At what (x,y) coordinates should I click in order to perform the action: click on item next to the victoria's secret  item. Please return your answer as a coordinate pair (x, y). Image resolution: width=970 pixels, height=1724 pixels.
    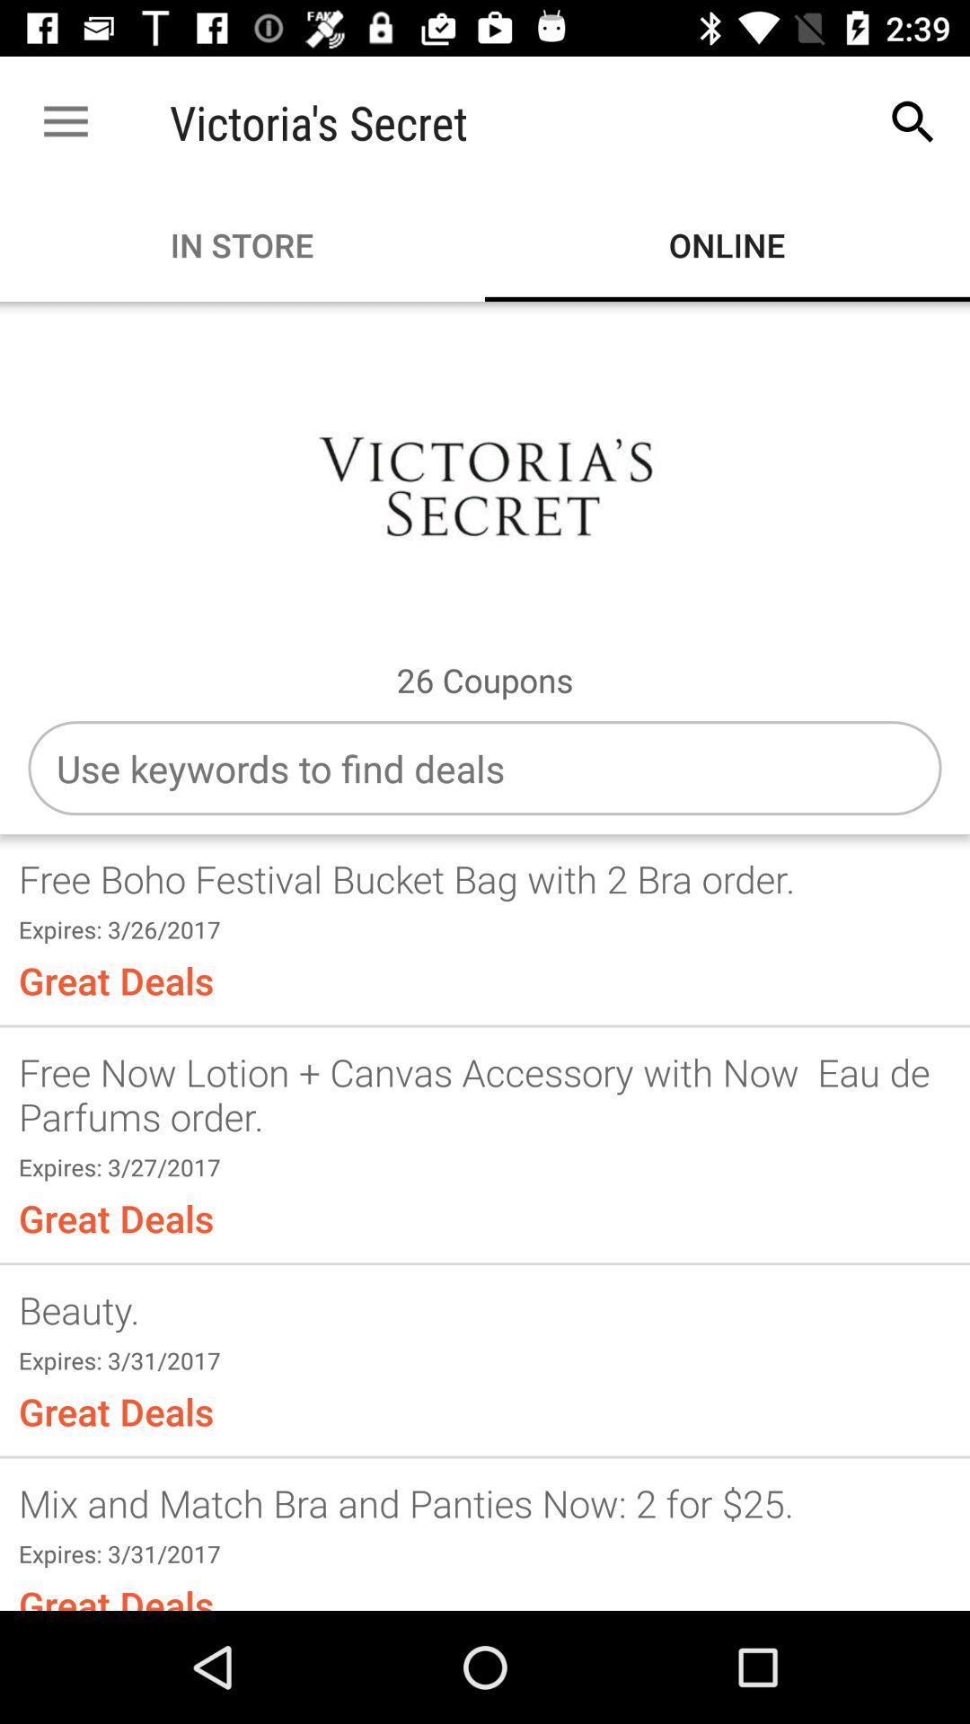
    Looking at the image, I should click on (65, 121).